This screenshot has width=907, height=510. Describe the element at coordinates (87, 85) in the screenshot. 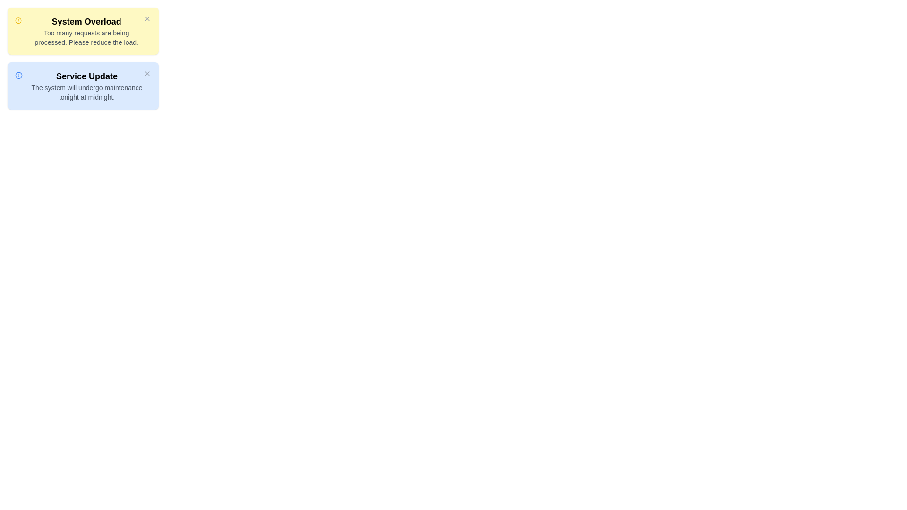

I see `text from the 'Service Update' notification box, which contains the messages 'Service Update' and 'The system will undergo maintenance tonight at midnight.'` at that location.